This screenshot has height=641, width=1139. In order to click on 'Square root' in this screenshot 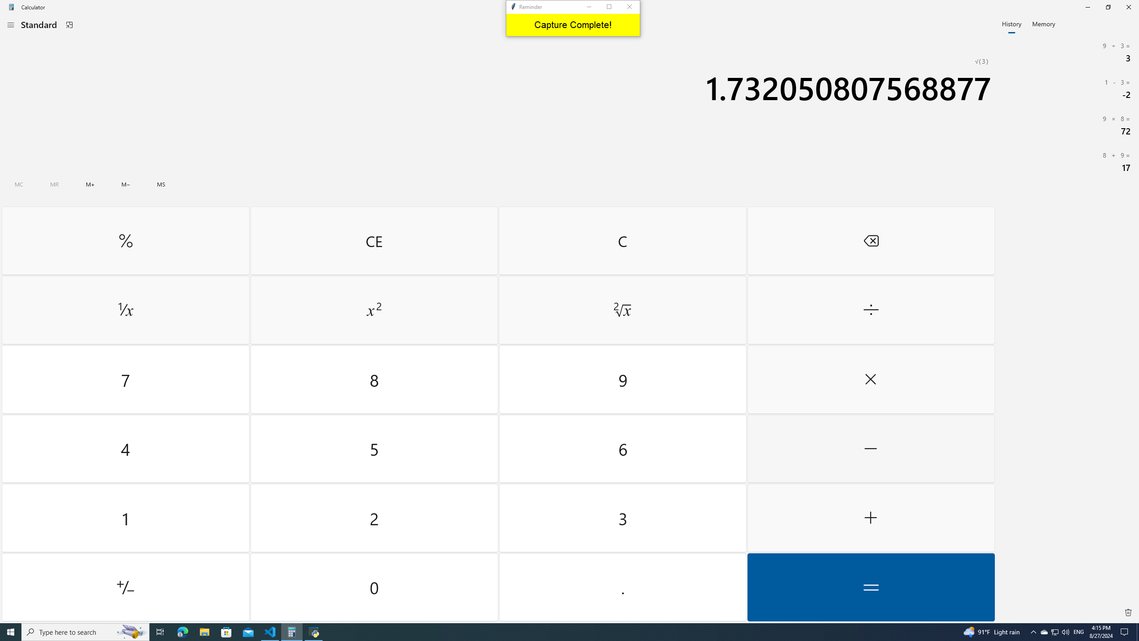, I will do `click(622, 310)`.